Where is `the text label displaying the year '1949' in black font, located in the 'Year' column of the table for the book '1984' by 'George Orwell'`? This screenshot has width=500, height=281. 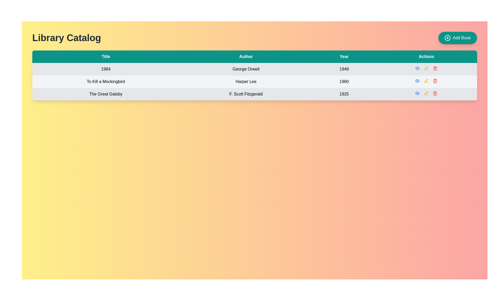 the text label displaying the year '1949' in black font, located in the 'Year' column of the table for the book '1984' by 'George Orwell' is located at coordinates (344, 69).